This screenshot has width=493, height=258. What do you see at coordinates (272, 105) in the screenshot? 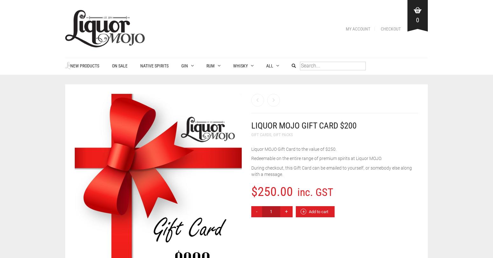
I see `'Cognac'` at bounding box center [272, 105].